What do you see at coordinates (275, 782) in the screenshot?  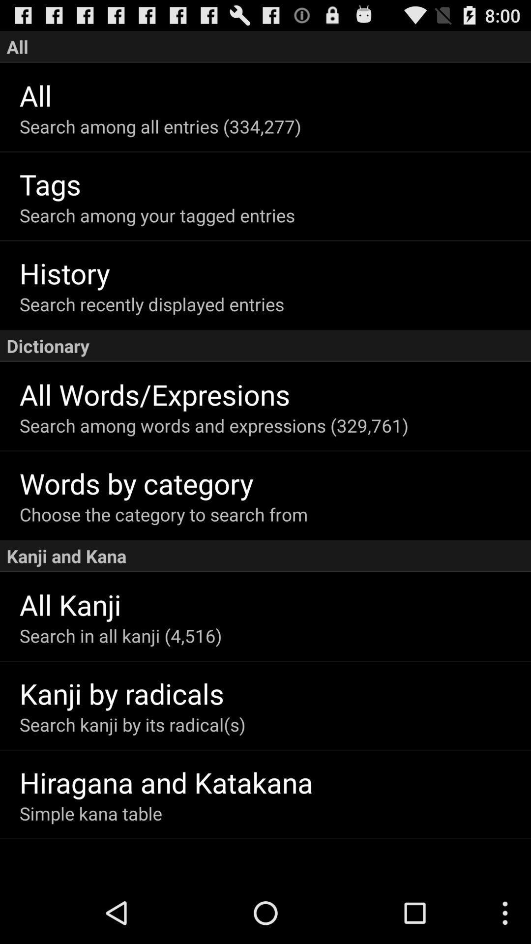 I see `item below the search kanji by` at bounding box center [275, 782].